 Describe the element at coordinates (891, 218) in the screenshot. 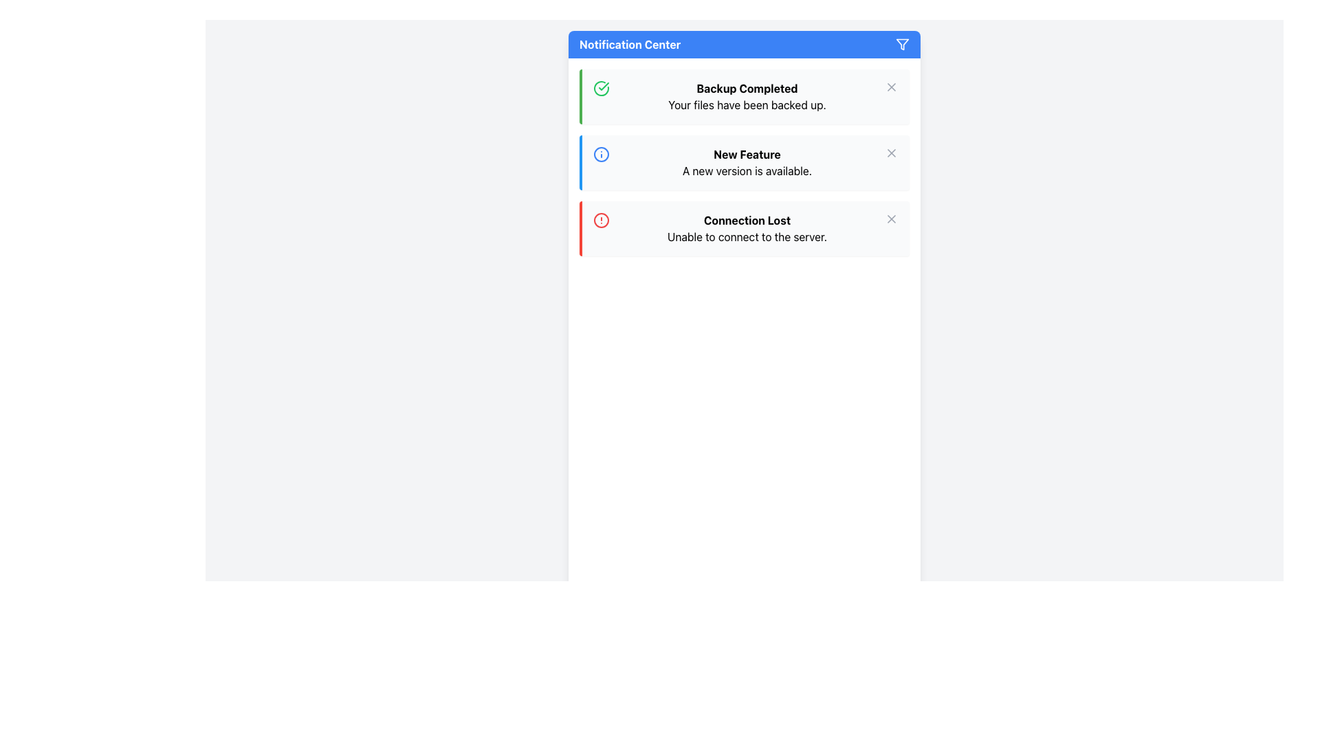

I see `the small gray 'X' close button in the notification section at the top-right corner of the 'Connection Lost' notification to change its color` at that location.